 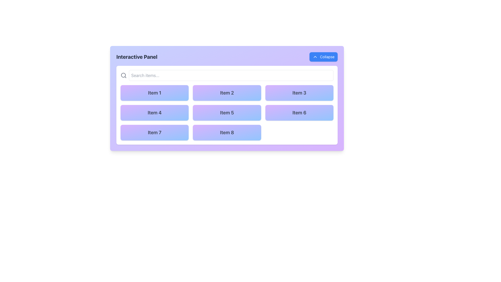 I want to click on the text label displaying 'Item 5' which is centrally aligned within its tile that has a gradient background and rounded corners, so click(x=227, y=112).